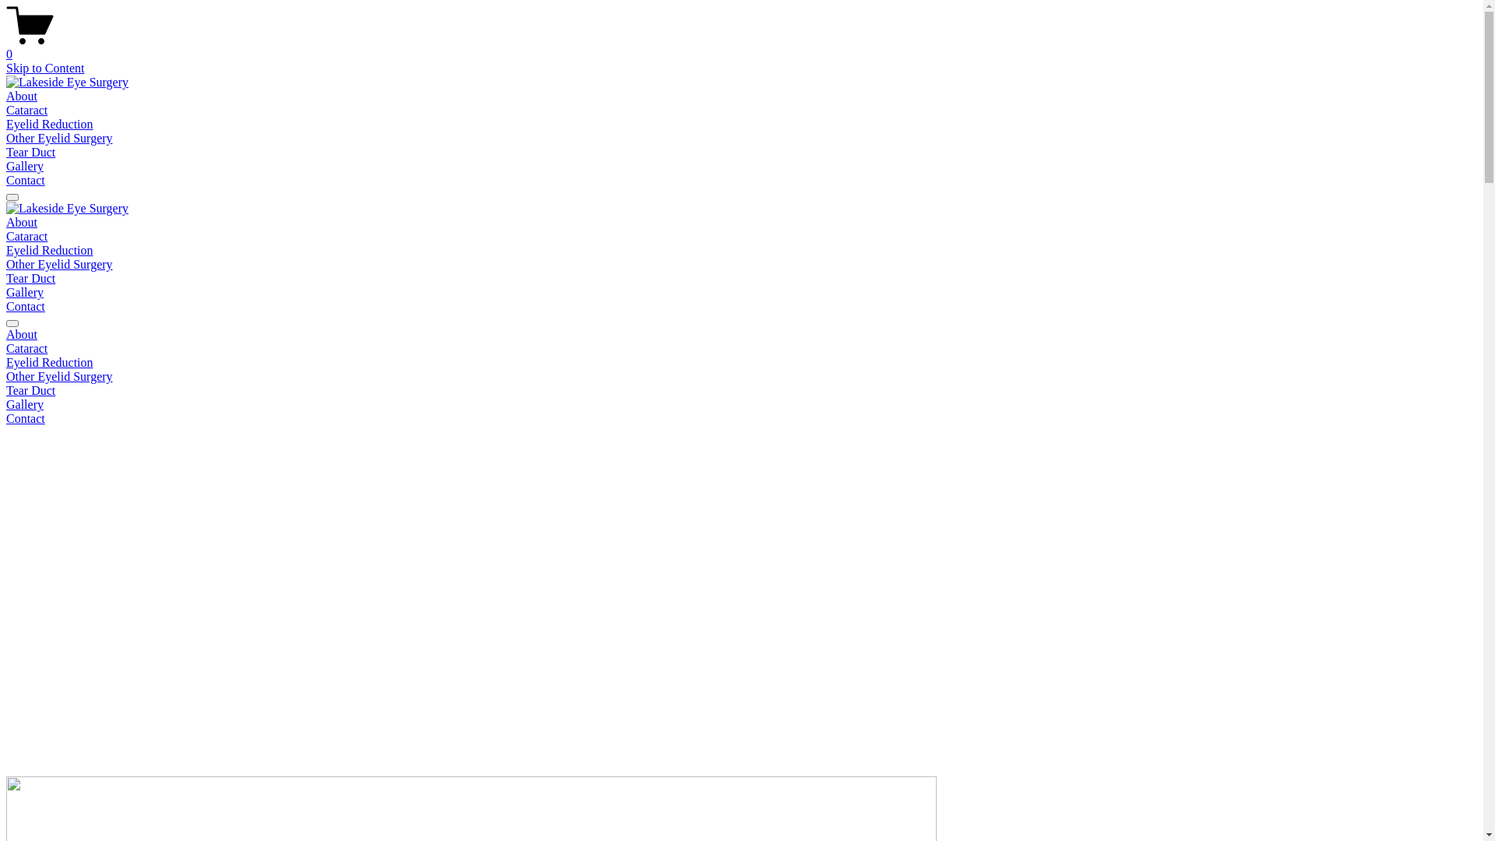  What do you see at coordinates (26, 179) in the screenshot?
I see `'Contact'` at bounding box center [26, 179].